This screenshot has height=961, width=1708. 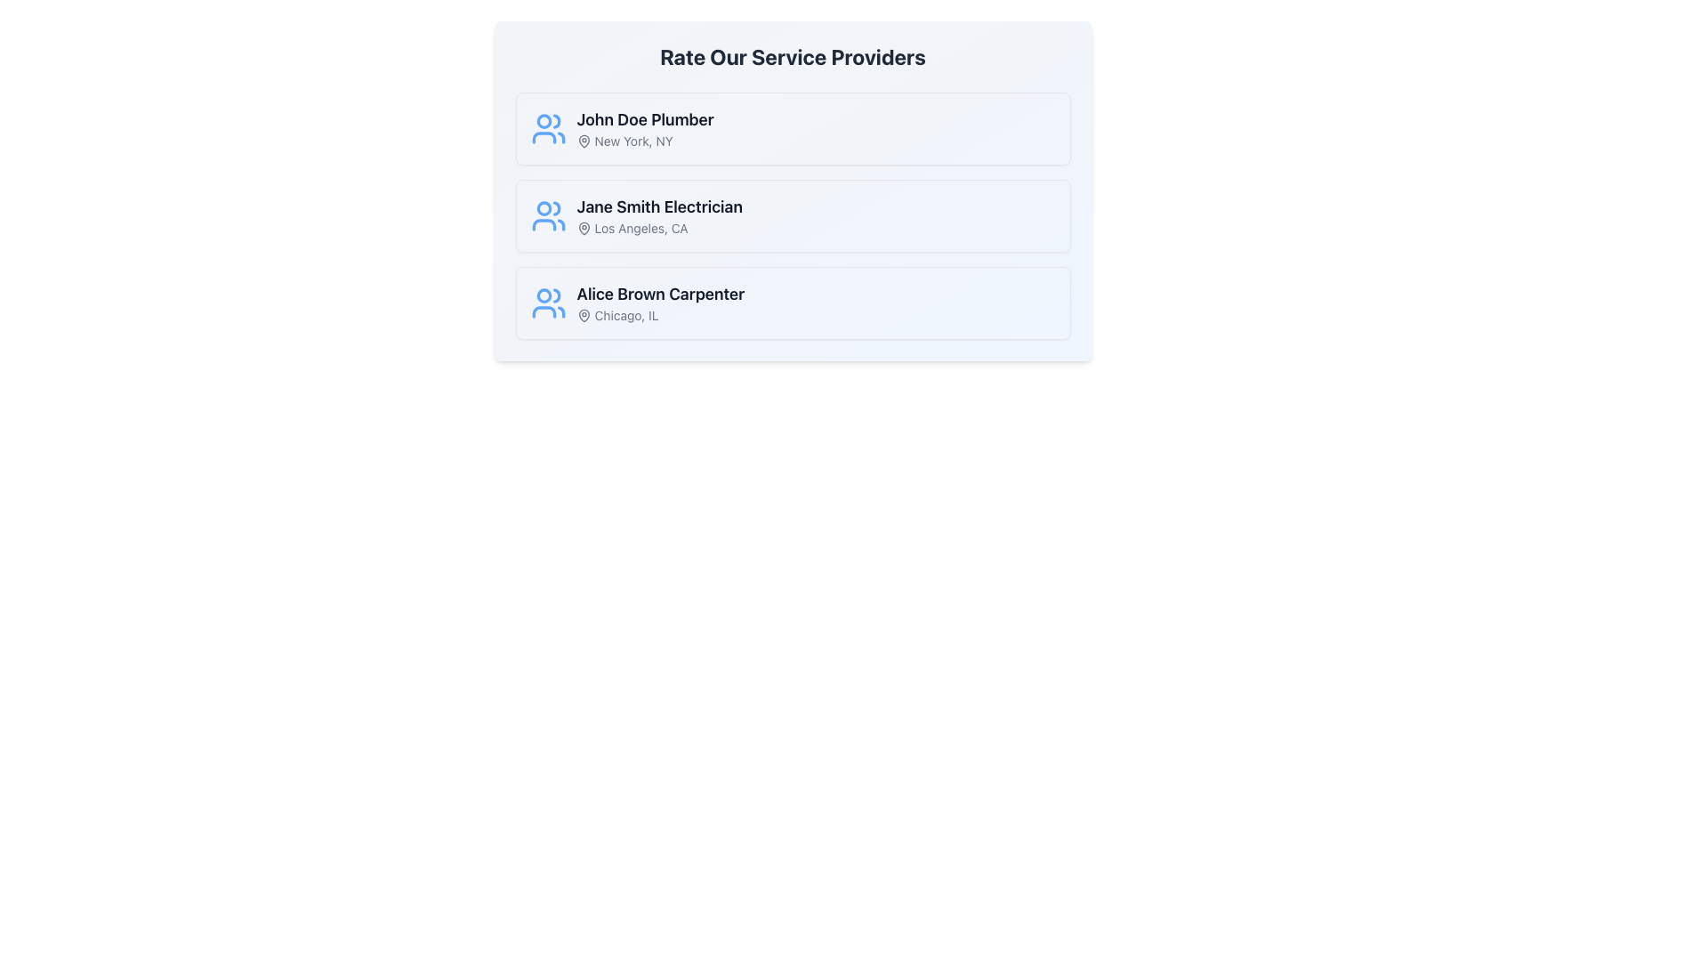 I want to click on the profile icon for 'Alice Brown Carpenter', which is positioned on the left side adjacent to the name and location text, so click(x=547, y=302).